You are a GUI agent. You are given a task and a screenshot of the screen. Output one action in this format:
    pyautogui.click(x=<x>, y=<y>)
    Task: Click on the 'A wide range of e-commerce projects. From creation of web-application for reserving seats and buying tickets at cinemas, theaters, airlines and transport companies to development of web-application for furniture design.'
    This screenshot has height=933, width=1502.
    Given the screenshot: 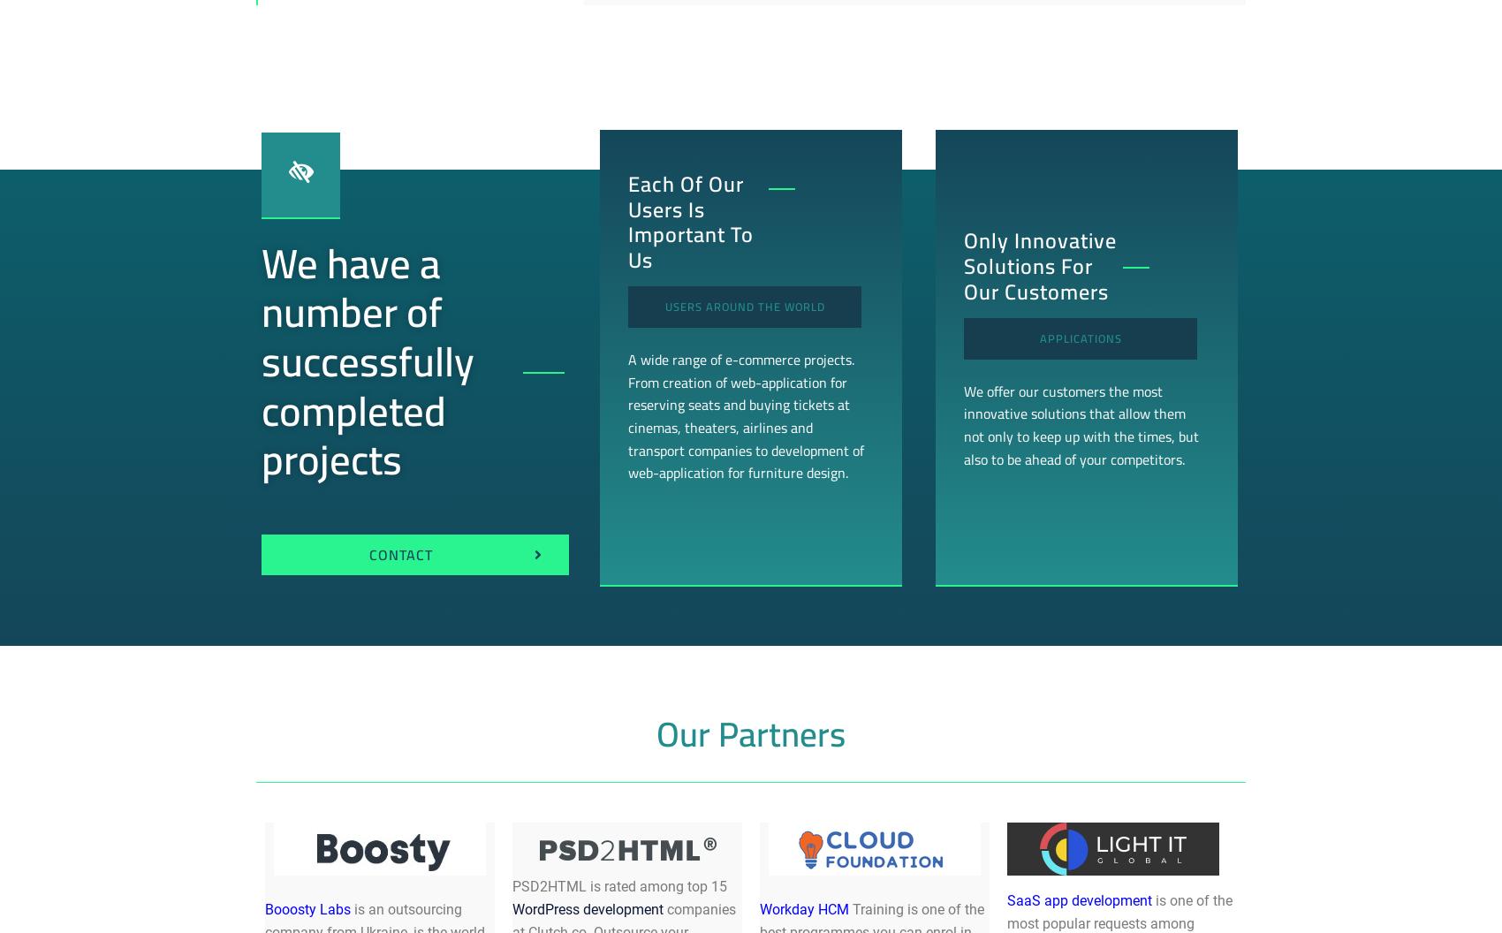 What is the action you would take?
    pyautogui.click(x=744, y=414)
    